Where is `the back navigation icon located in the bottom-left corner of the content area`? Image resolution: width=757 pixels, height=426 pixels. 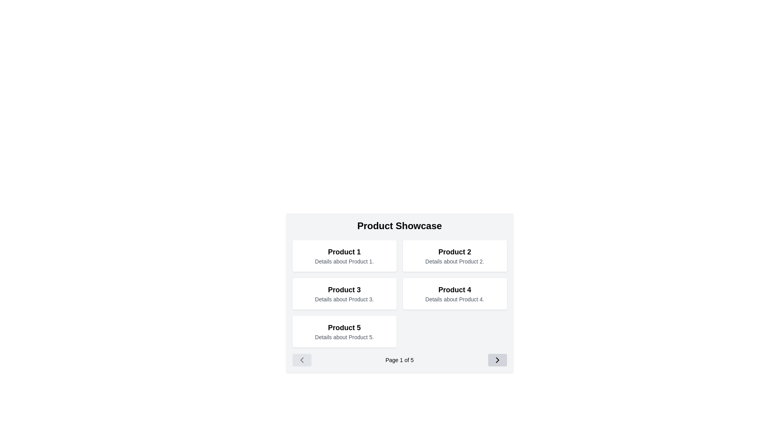 the back navigation icon located in the bottom-left corner of the content area is located at coordinates (301, 360).